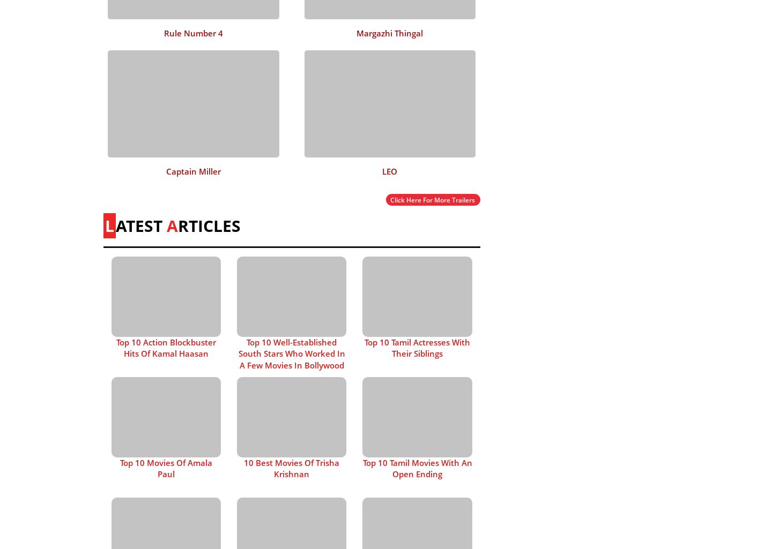 This screenshot has width=772, height=549. What do you see at coordinates (389, 32) in the screenshot?
I see `'Margazhi Thingal'` at bounding box center [389, 32].